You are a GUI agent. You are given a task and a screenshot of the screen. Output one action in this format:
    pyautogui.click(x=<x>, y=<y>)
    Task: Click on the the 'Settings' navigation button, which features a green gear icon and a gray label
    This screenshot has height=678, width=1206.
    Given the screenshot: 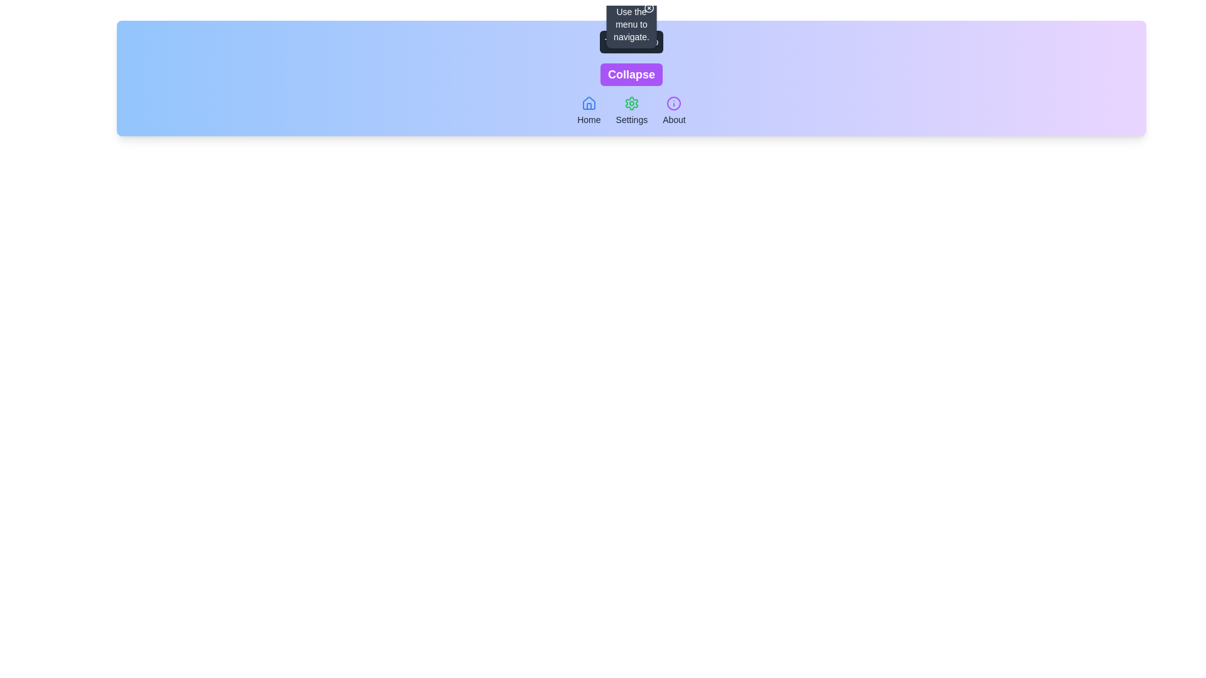 What is the action you would take?
    pyautogui.click(x=631, y=110)
    